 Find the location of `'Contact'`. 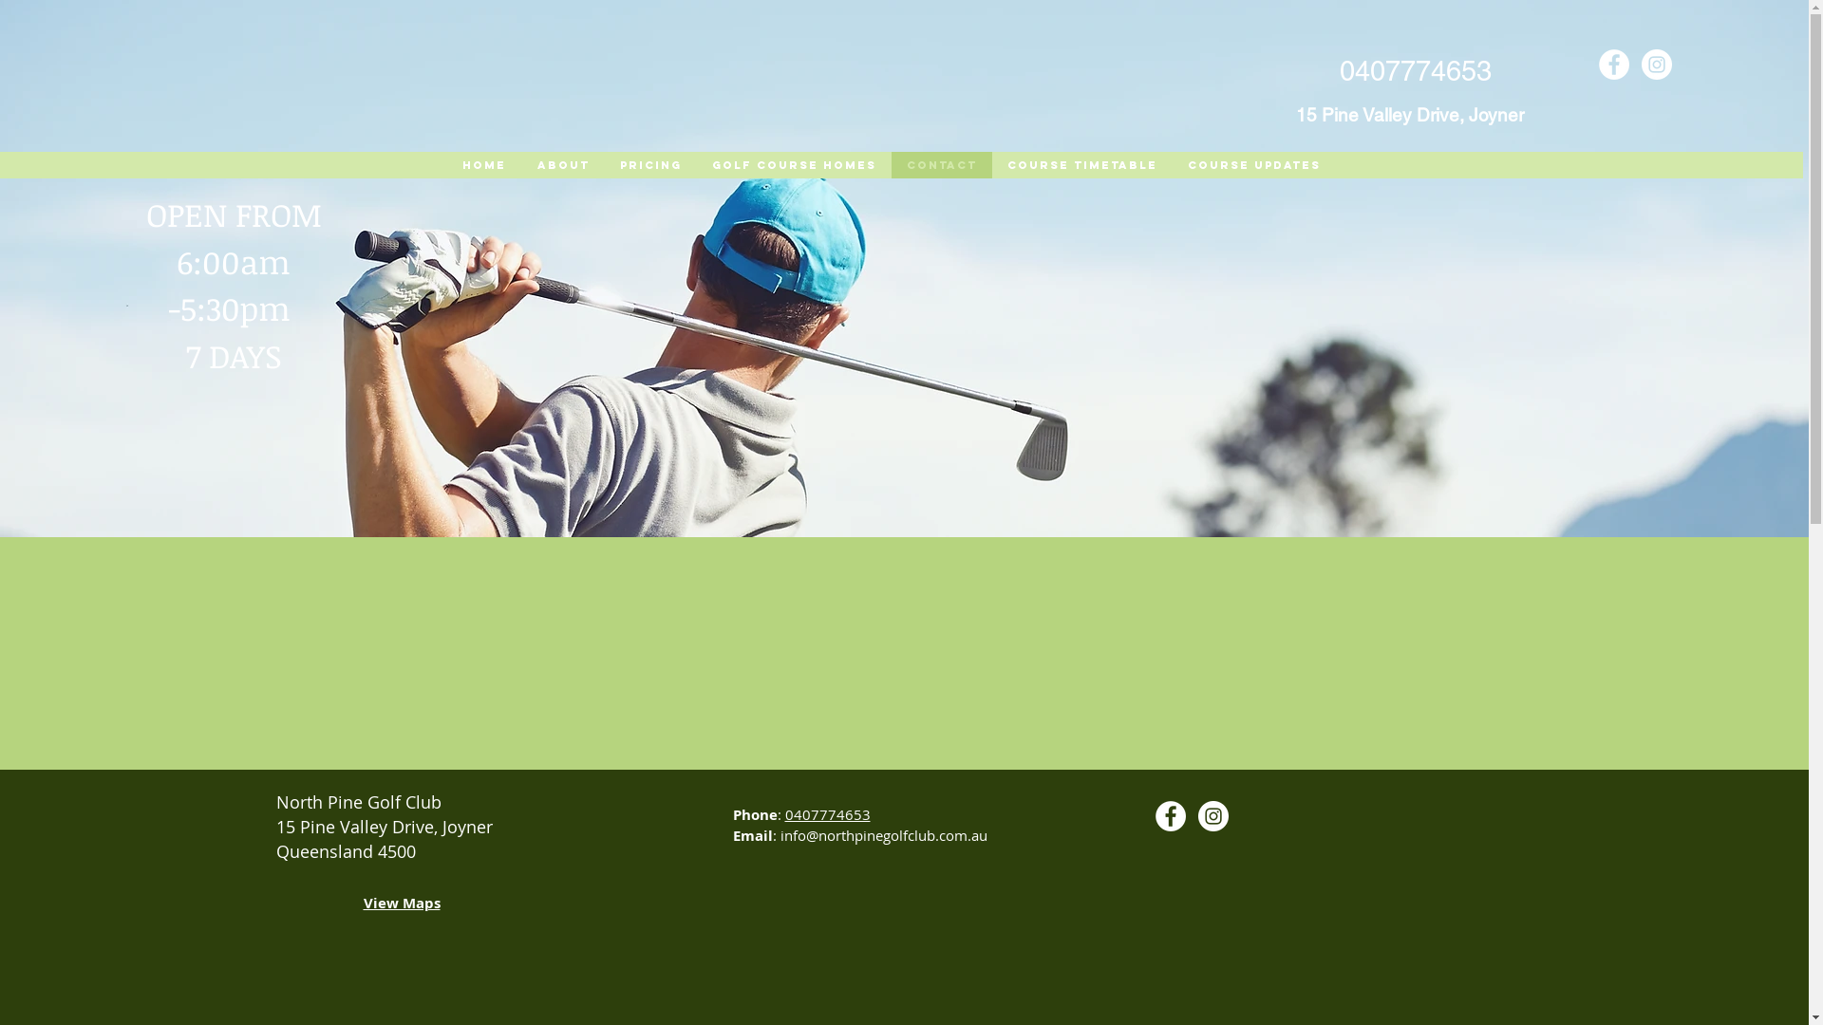

'Contact' is located at coordinates (940, 163).